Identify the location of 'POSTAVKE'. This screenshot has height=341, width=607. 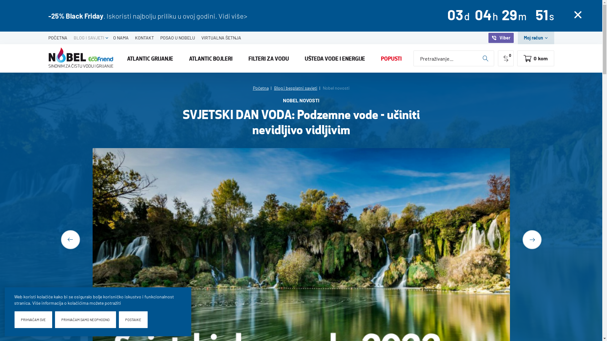
(133, 320).